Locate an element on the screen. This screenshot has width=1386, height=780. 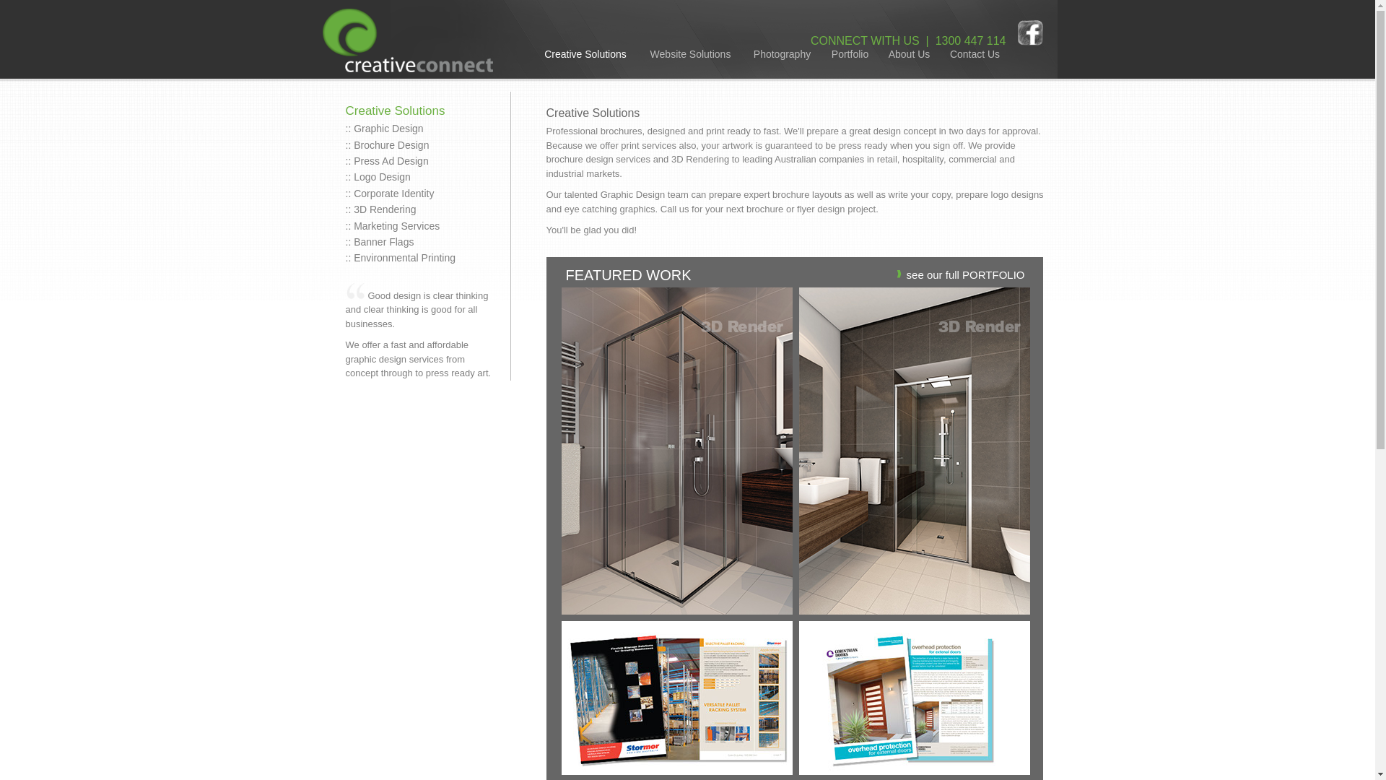
'Website Solutions' is located at coordinates (690, 54).